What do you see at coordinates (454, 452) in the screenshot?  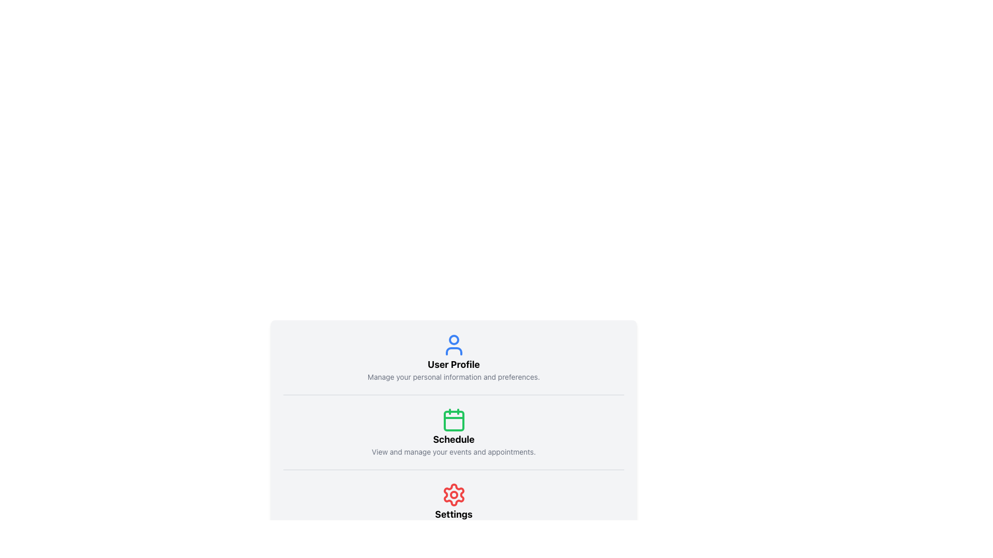 I see `the static text label that reads 'View and manage your events and appointments.' located below the 'Schedule' text and calendar icon` at bounding box center [454, 452].